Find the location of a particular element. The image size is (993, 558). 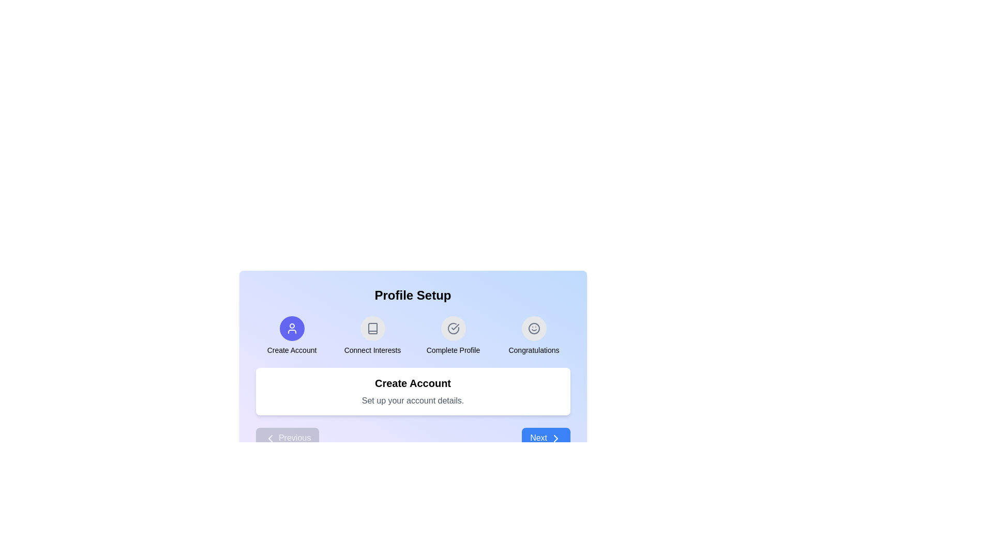

the Previous button to navigate stages is located at coordinates (287, 438).